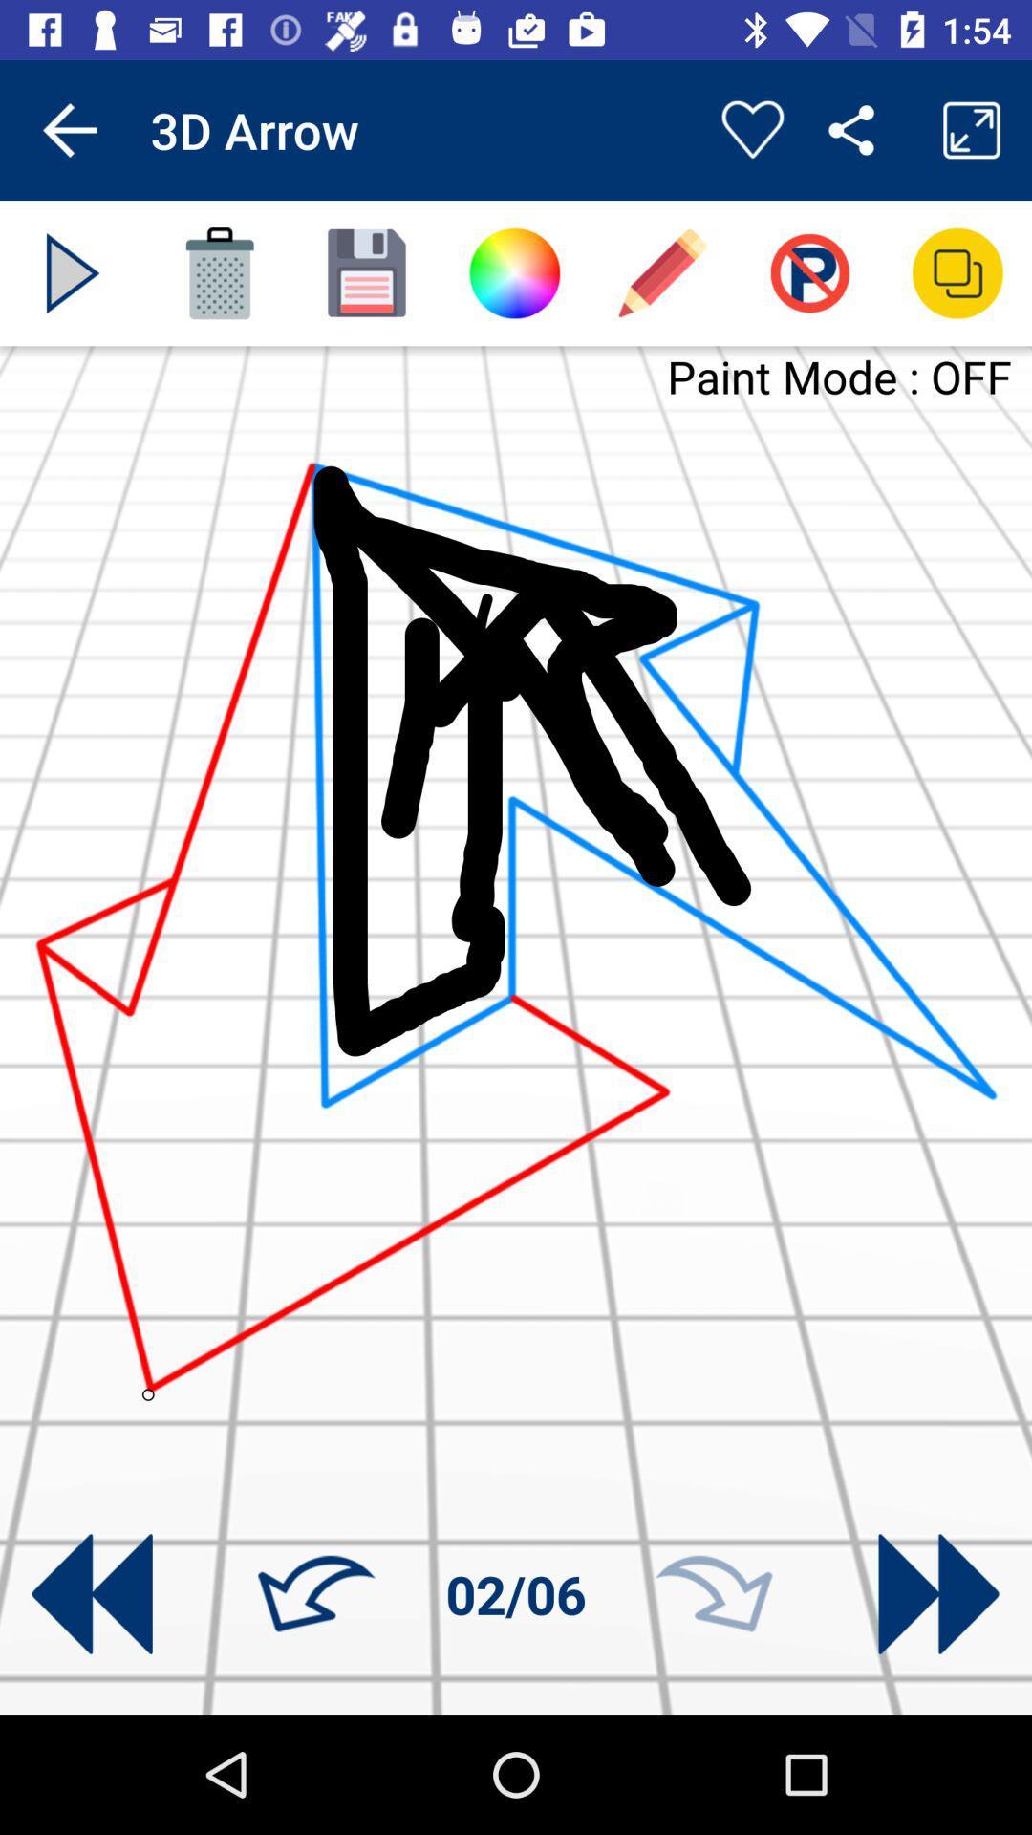  What do you see at coordinates (315, 1594) in the screenshot?
I see `the undo icon` at bounding box center [315, 1594].